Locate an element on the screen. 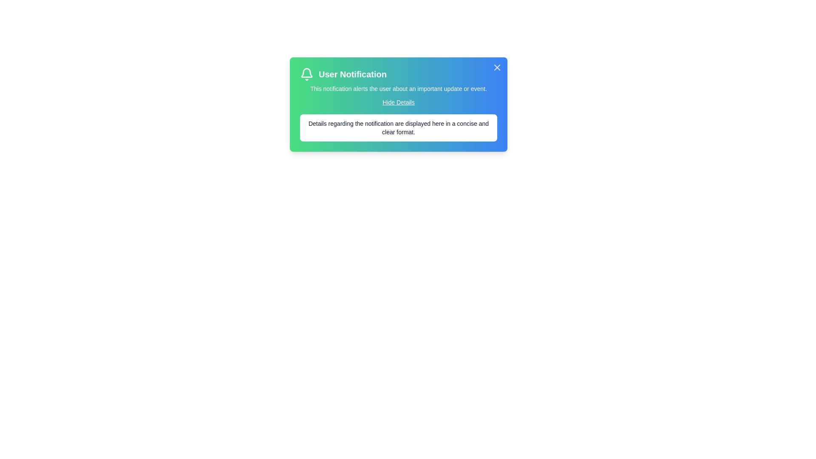 The width and height of the screenshot is (816, 459). the 'Hide Details' button to toggle the visibility of additional notification details is located at coordinates (398, 102).